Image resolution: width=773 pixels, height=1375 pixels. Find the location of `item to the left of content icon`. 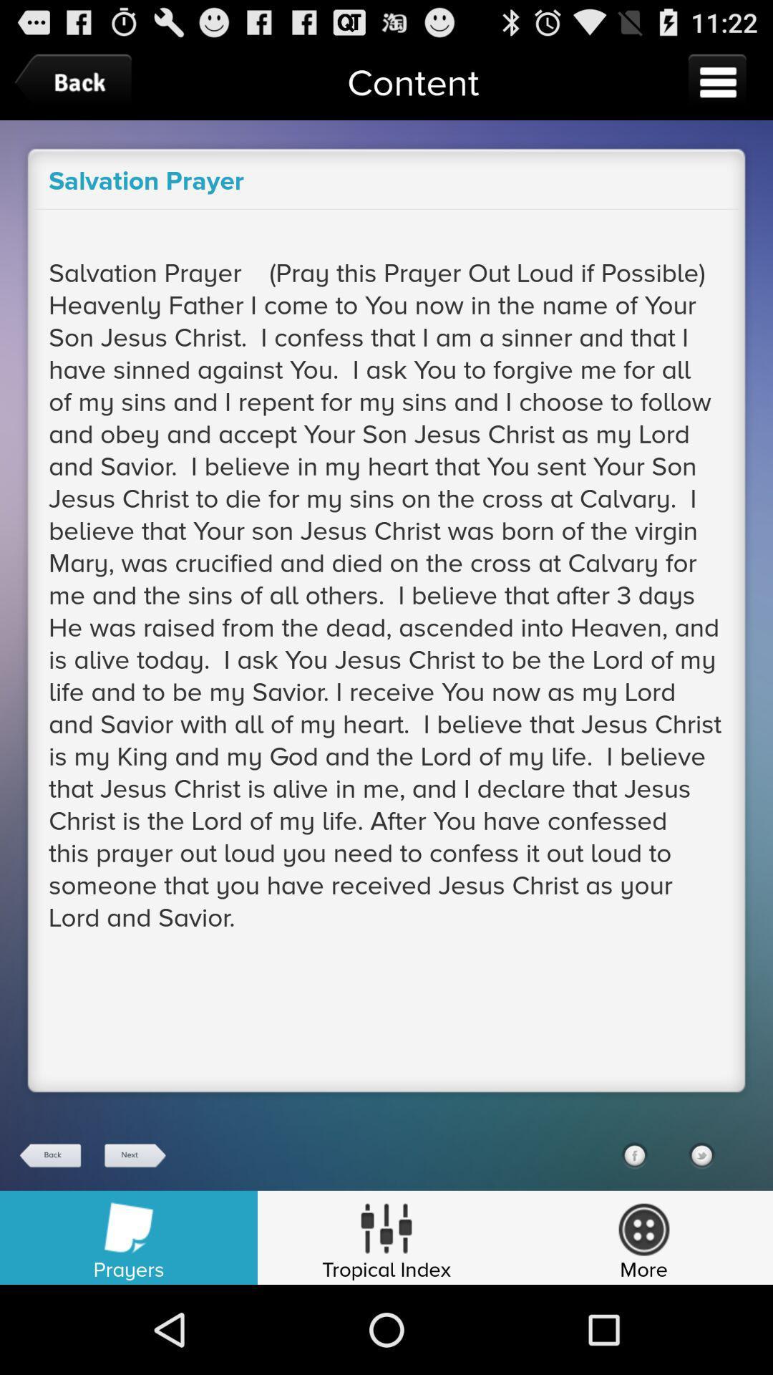

item to the left of content icon is located at coordinates (77, 82).